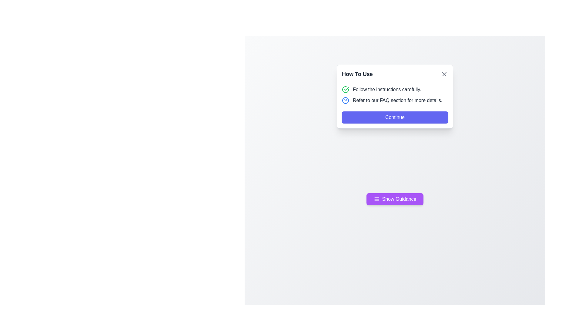 Image resolution: width=582 pixels, height=327 pixels. Describe the element at coordinates (395, 117) in the screenshot. I see `the rectangular button with rounded corners and blue background labeled 'Continue'` at that location.